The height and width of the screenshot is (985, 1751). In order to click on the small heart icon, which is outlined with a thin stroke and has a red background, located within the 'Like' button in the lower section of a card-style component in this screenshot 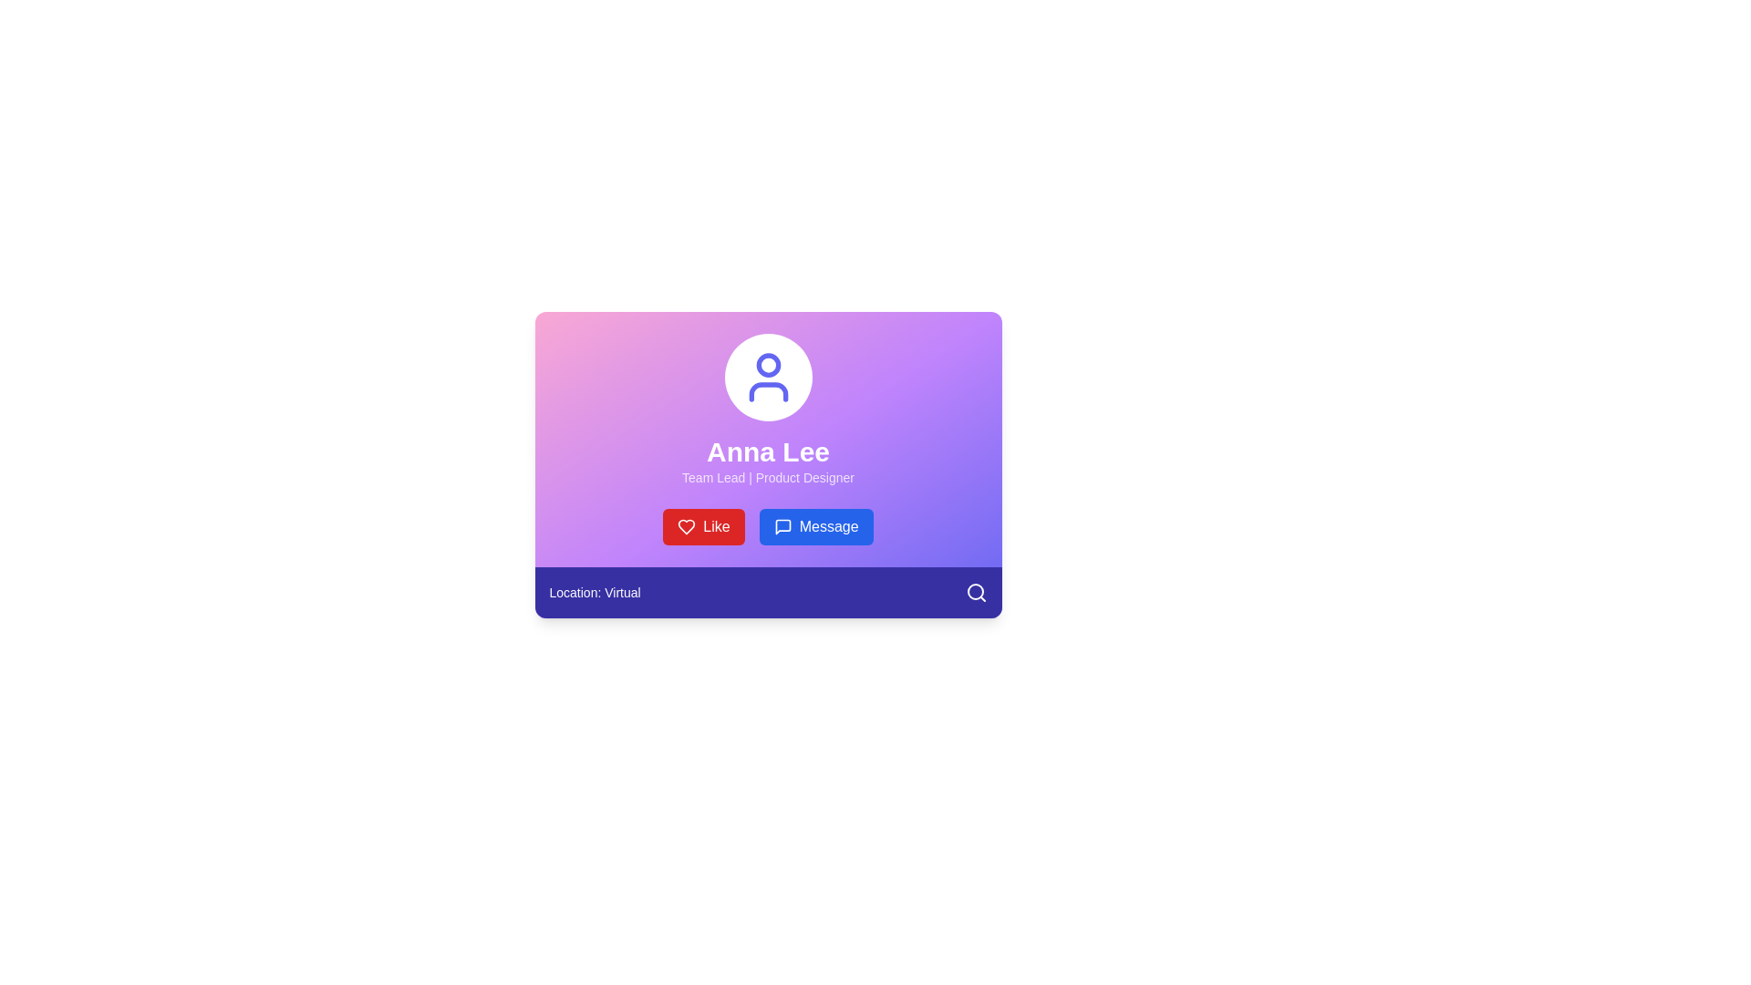, I will do `click(686, 527)`.